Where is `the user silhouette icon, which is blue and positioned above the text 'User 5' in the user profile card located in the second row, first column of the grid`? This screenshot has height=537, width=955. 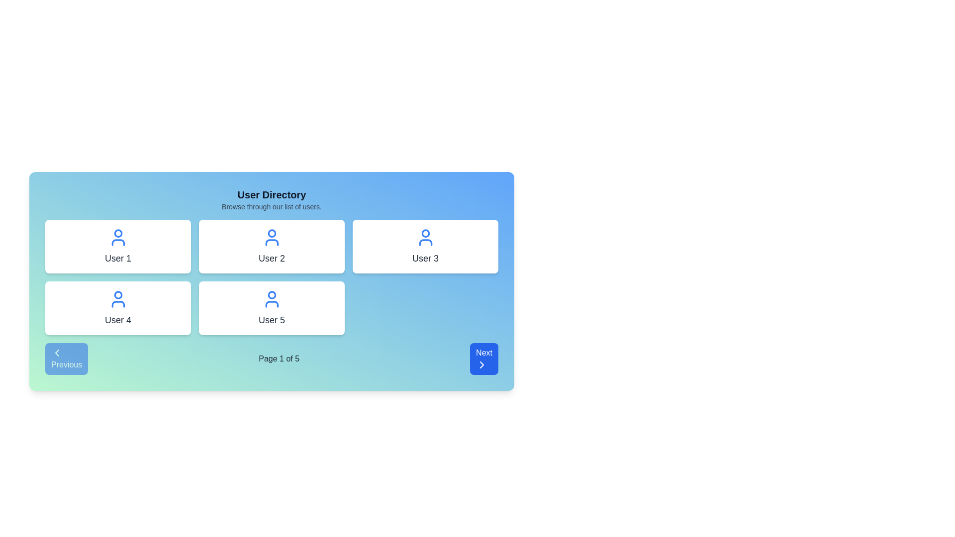 the user silhouette icon, which is blue and positioned above the text 'User 5' in the user profile card located in the second row, first column of the grid is located at coordinates (272, 298).